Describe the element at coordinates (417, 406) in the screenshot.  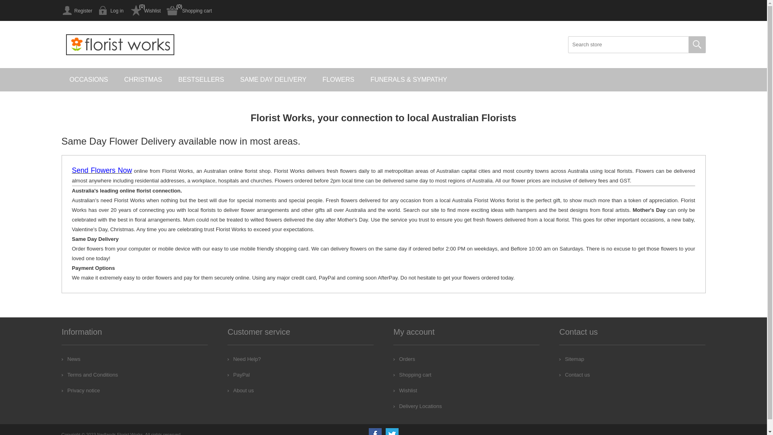
I see `'Delivery Locations'` at that location.